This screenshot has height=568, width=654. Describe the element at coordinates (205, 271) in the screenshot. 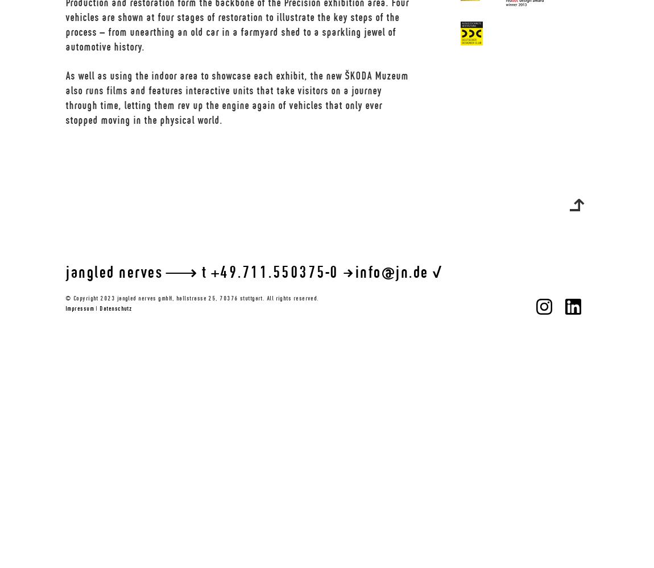

I see `'t'` at that location.